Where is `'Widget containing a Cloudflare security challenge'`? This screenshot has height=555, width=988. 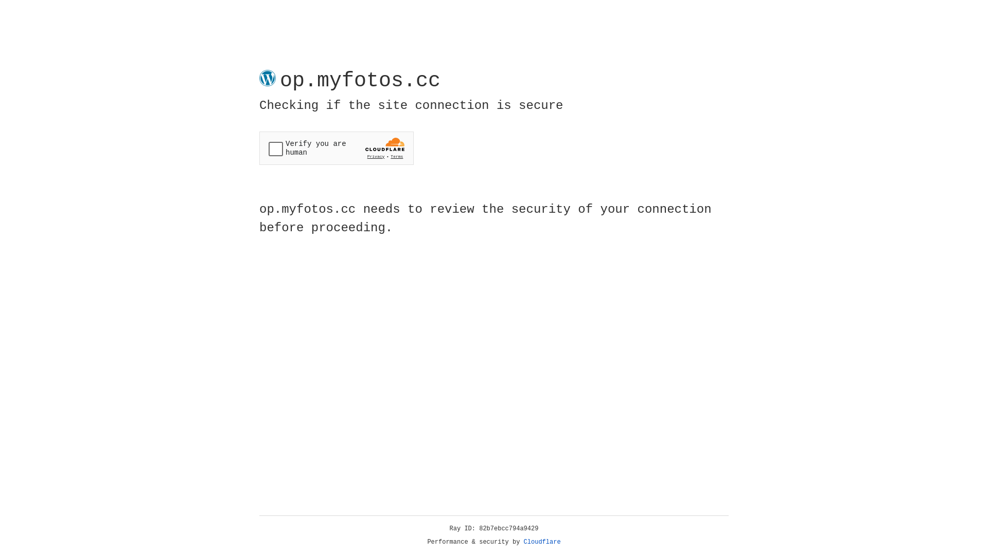 'Widget containing a Cloudflare security challenge' is located at coordinates (336, 148).